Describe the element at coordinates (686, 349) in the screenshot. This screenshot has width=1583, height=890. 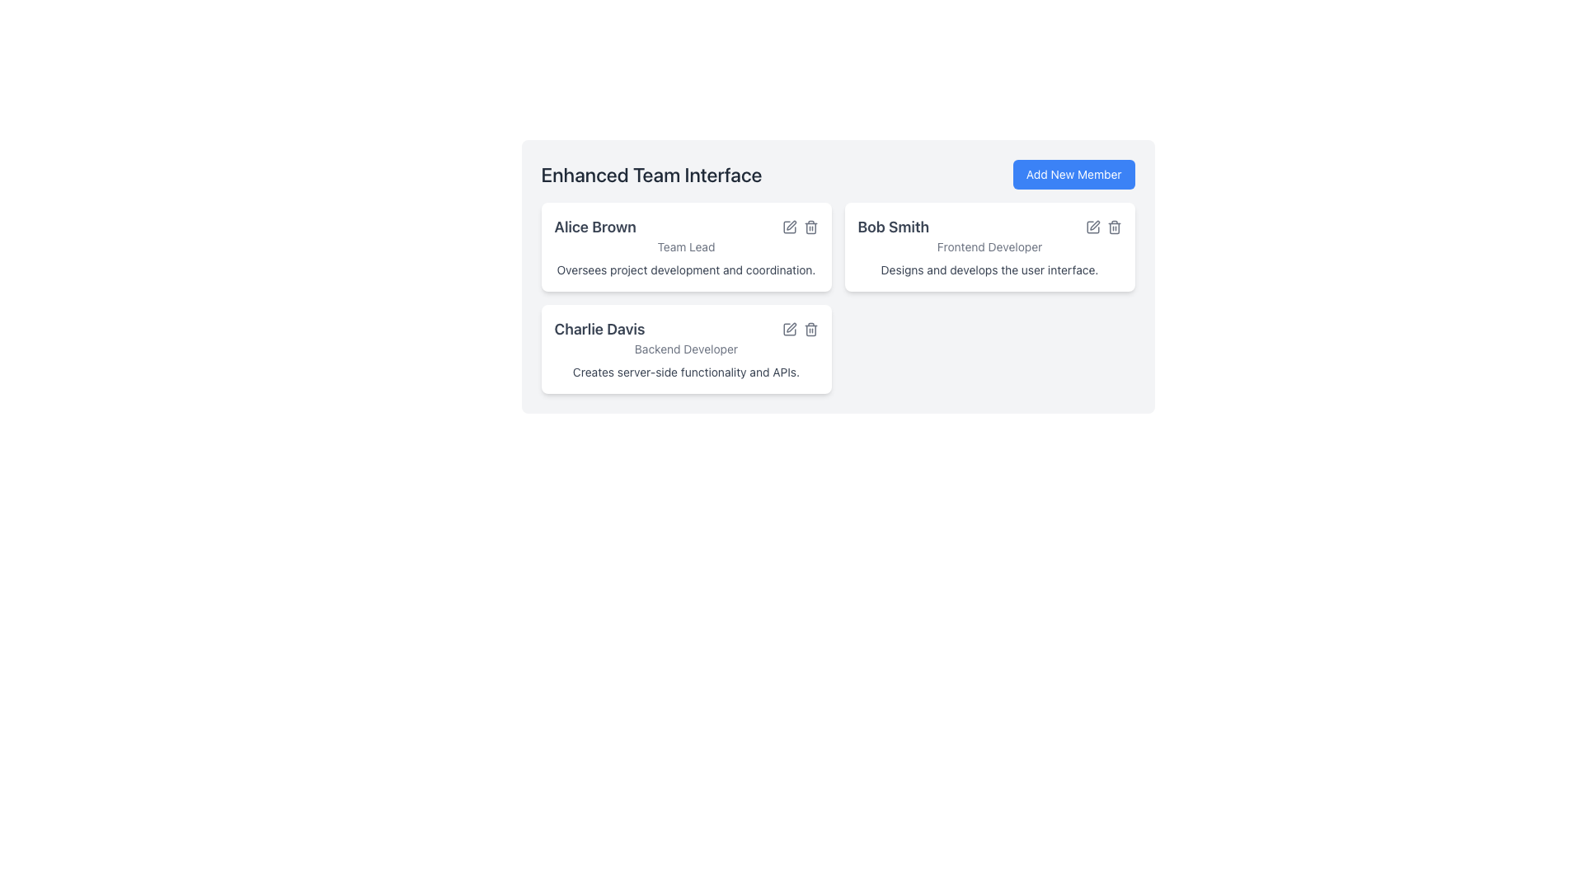
I see `the static text label displaying 'Backend Developer', which is located in the middle of the card representing the user 'Charlie Davis'` at that location.